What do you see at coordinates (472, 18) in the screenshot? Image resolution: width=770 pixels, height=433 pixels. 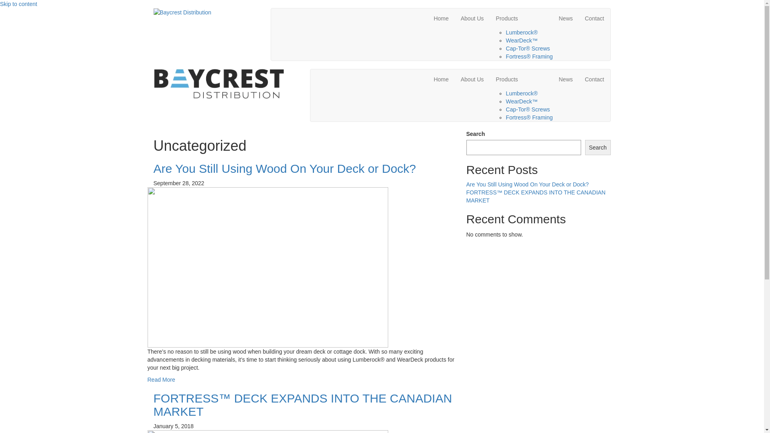 I see `'About Us'` at bounding box center [472, 18].